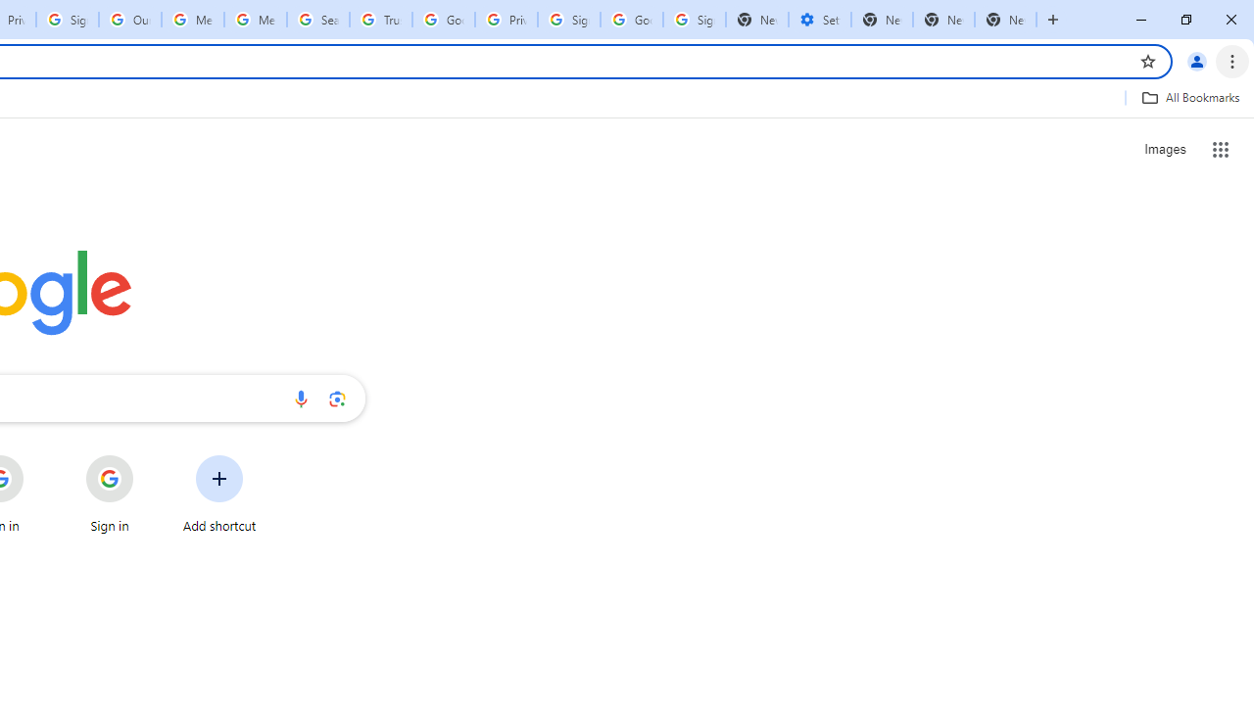 This screenshot has height=705, width=1254. What do you see at coordinates (443, 20) in the screenshot?
I see `'Google Ads - Sign in'` at bounding box center [443, 20].